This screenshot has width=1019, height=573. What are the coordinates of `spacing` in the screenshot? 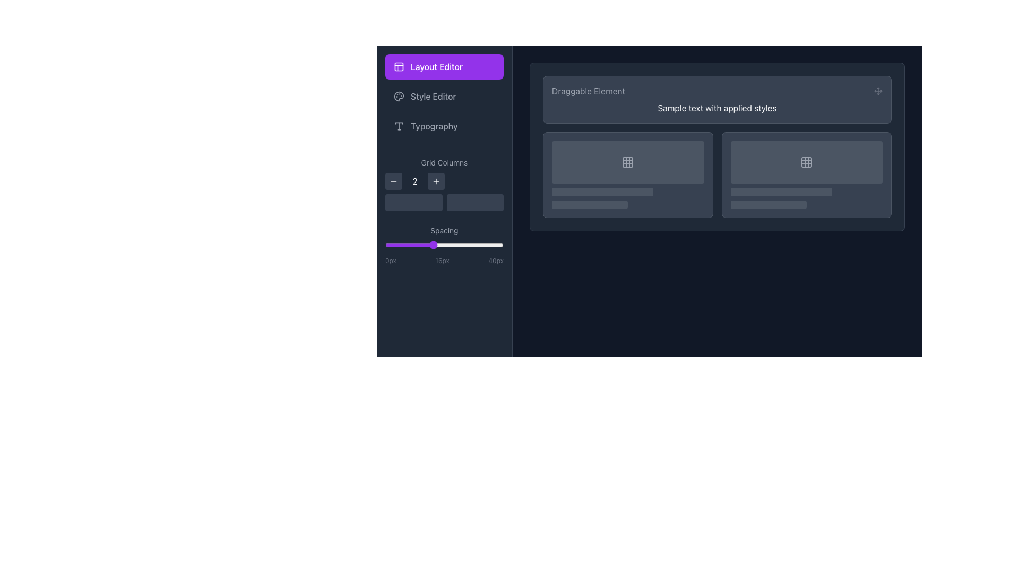 It's located at (384, 245).